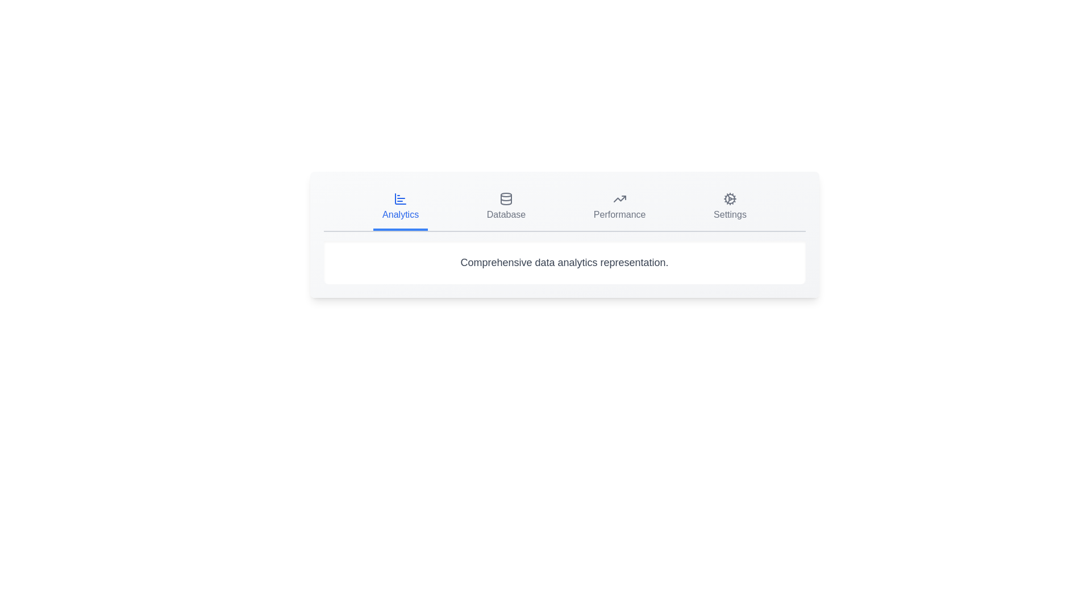  What do you see at coordinates (730, 208) in the screenshot?
I see `the tab with the title Settings by clicking on it` at bounding box center [730, 208].